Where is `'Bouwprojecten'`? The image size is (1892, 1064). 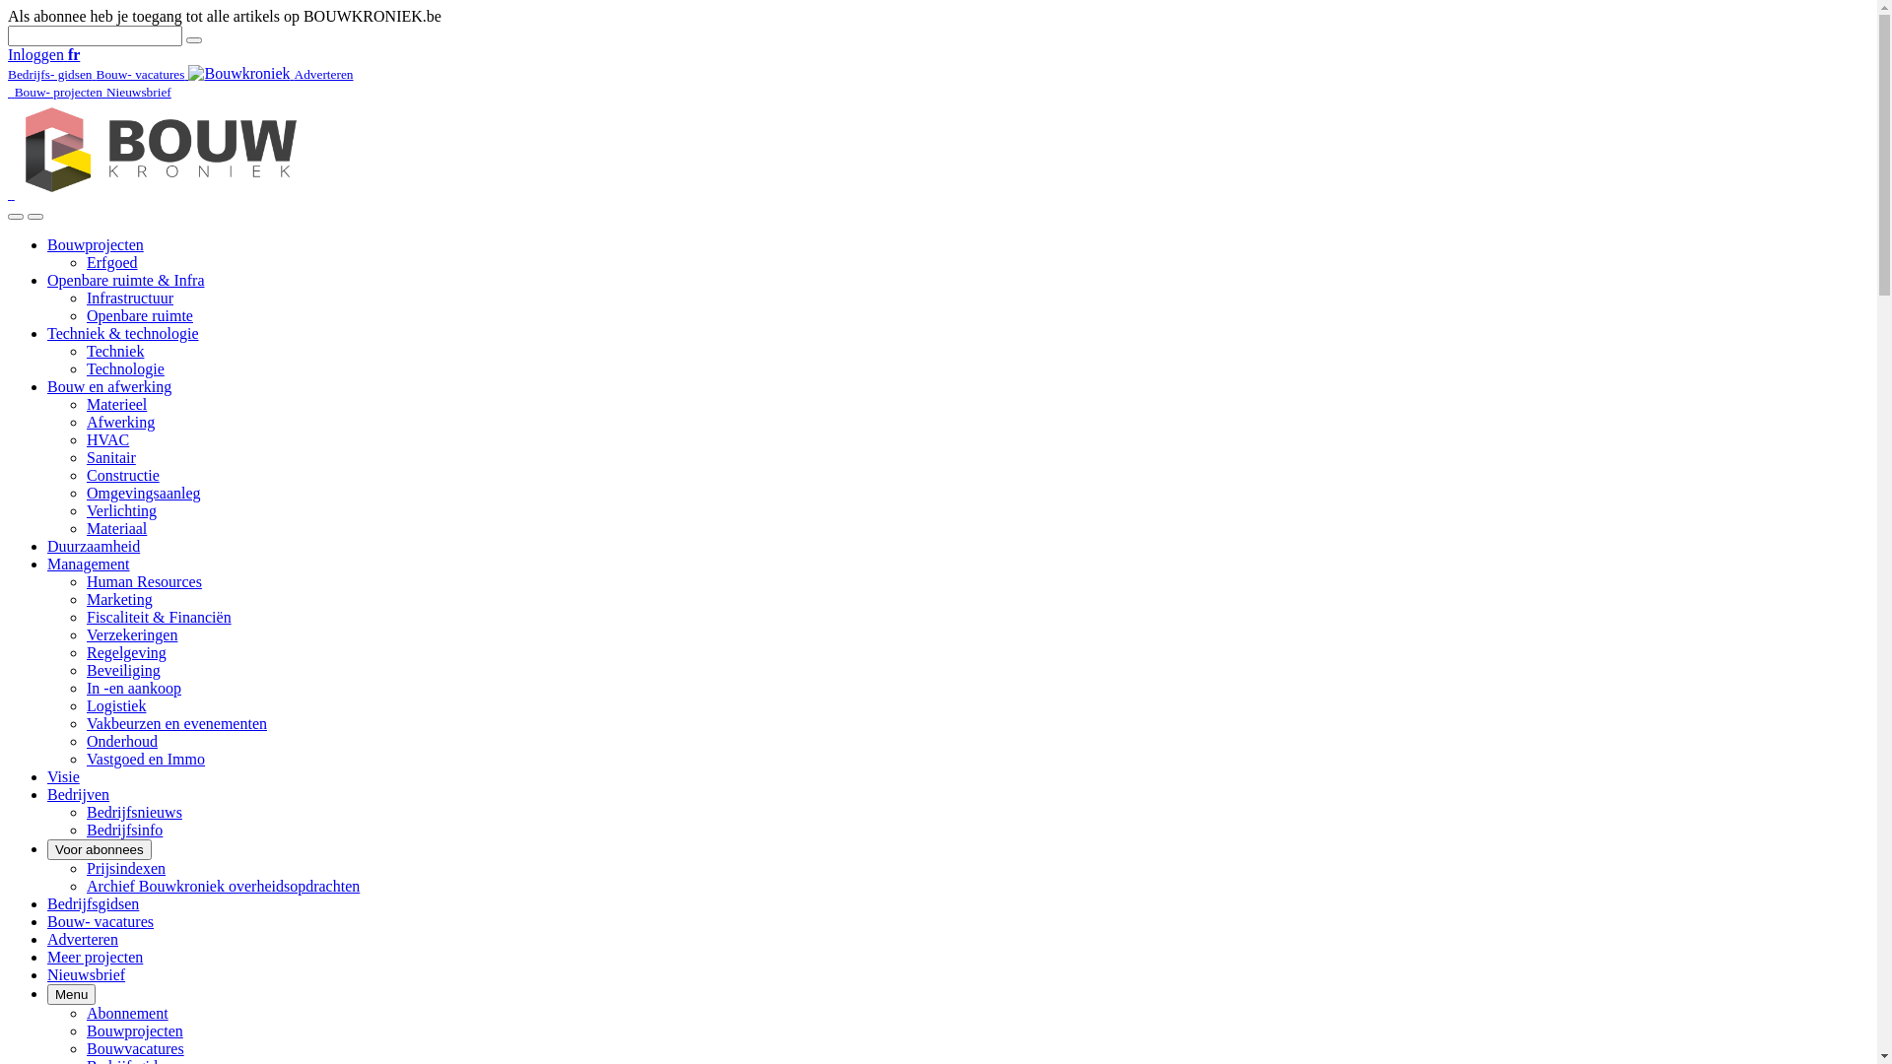 'Bouwprojecten' is located at coordinates (94, 243).